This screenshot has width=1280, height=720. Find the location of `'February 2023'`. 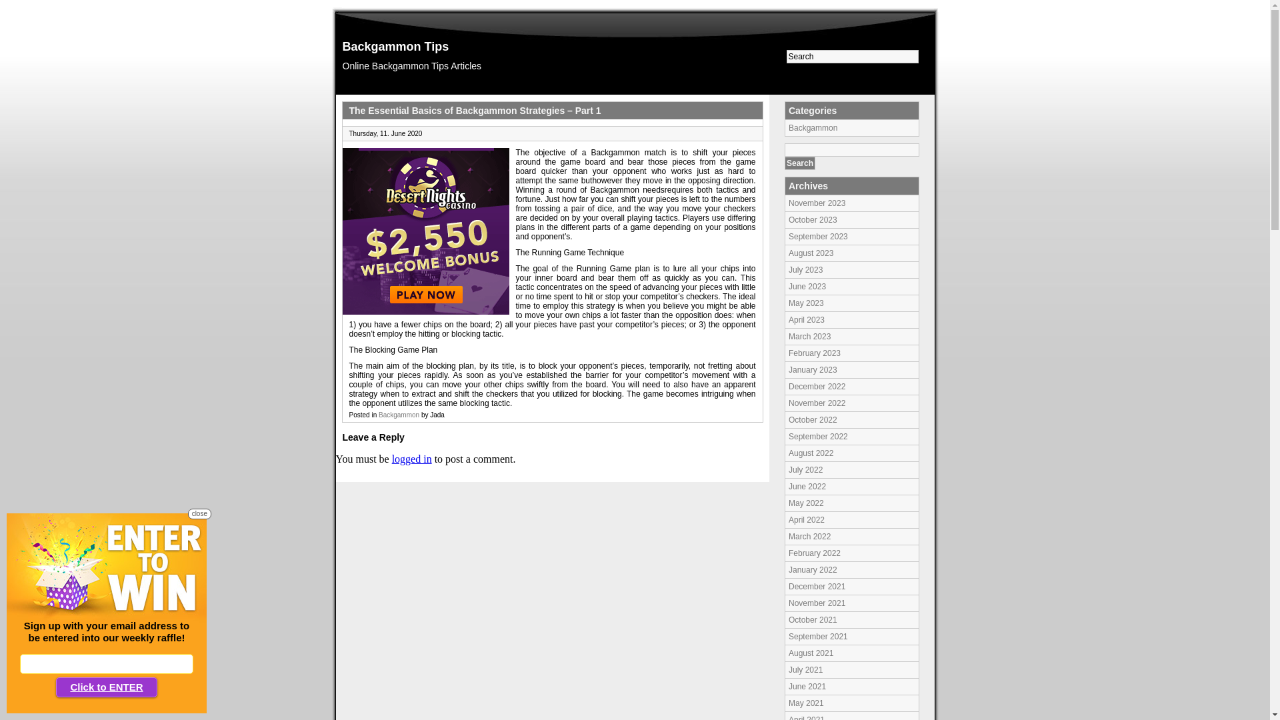

'February 2023' is located at coordinates (788, 352).